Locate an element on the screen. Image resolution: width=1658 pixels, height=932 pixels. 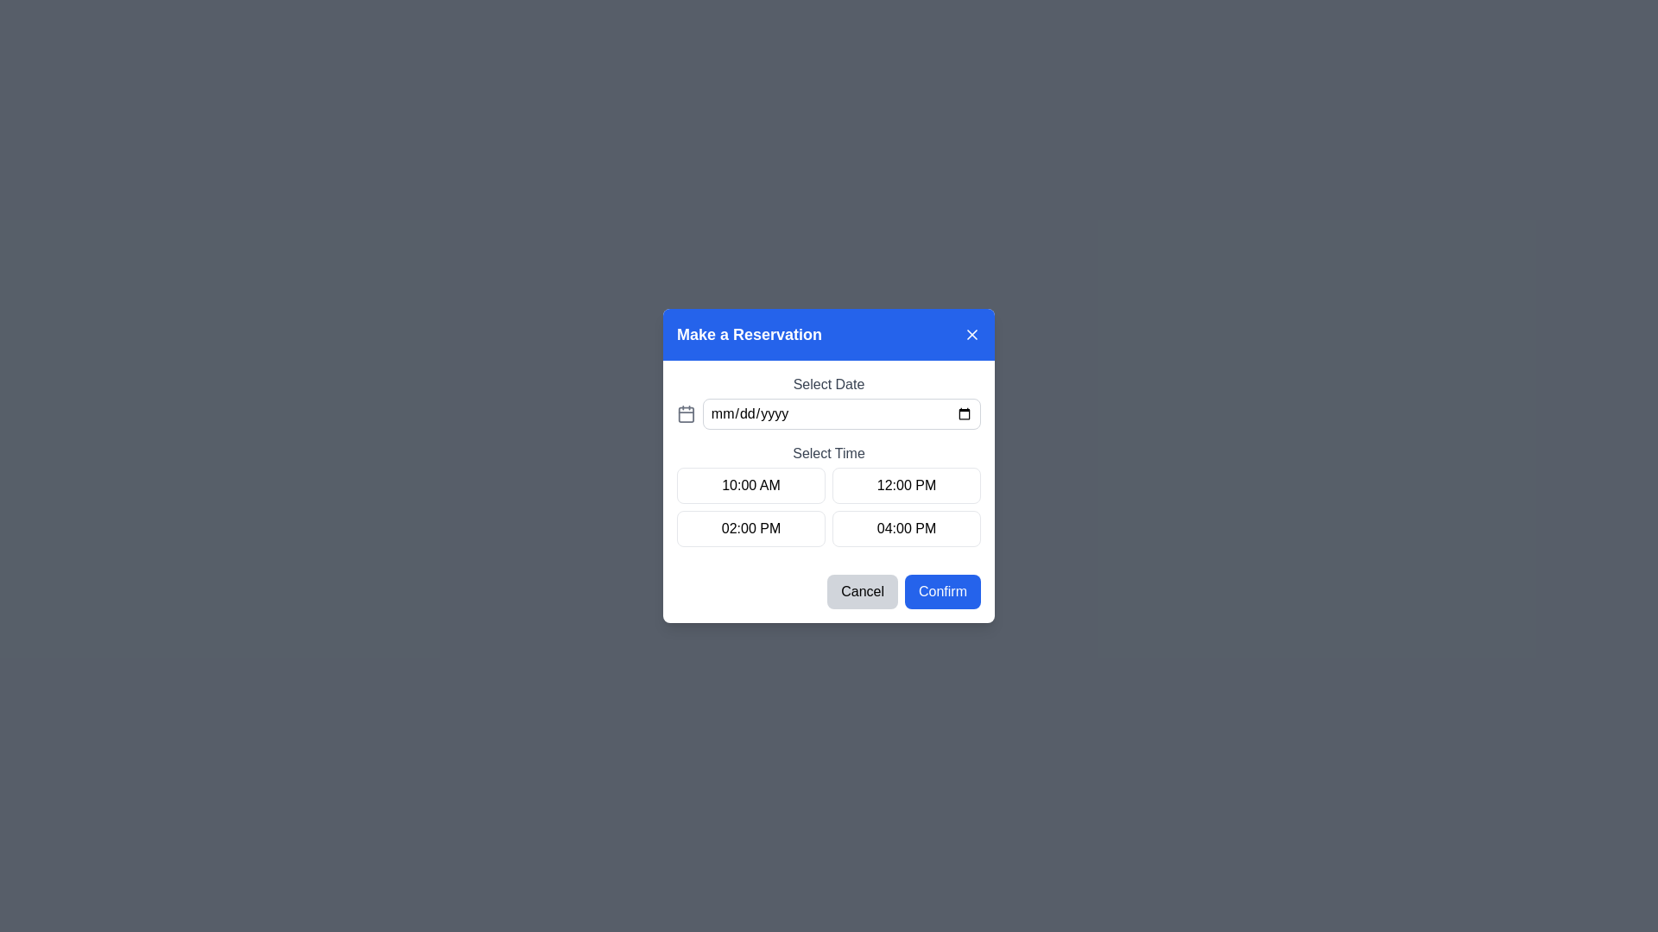
the button displaying '12:00 PM' which is located in the top-right cell of the time selection grid in the 'Select Time' section of the reservation dialog is located at coordinates (906, 486).